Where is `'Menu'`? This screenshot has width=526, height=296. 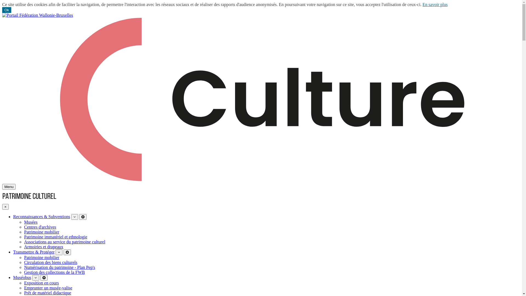 'Menu' is located at coordinates (9, 186).